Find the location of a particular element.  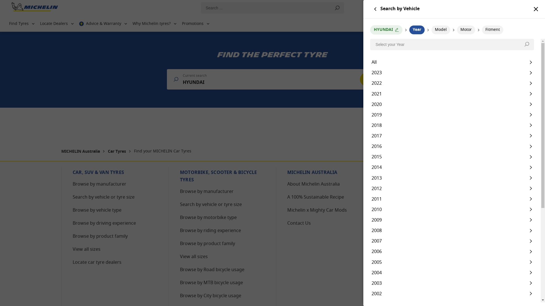

'2020' is located at coordinates (452, 104).